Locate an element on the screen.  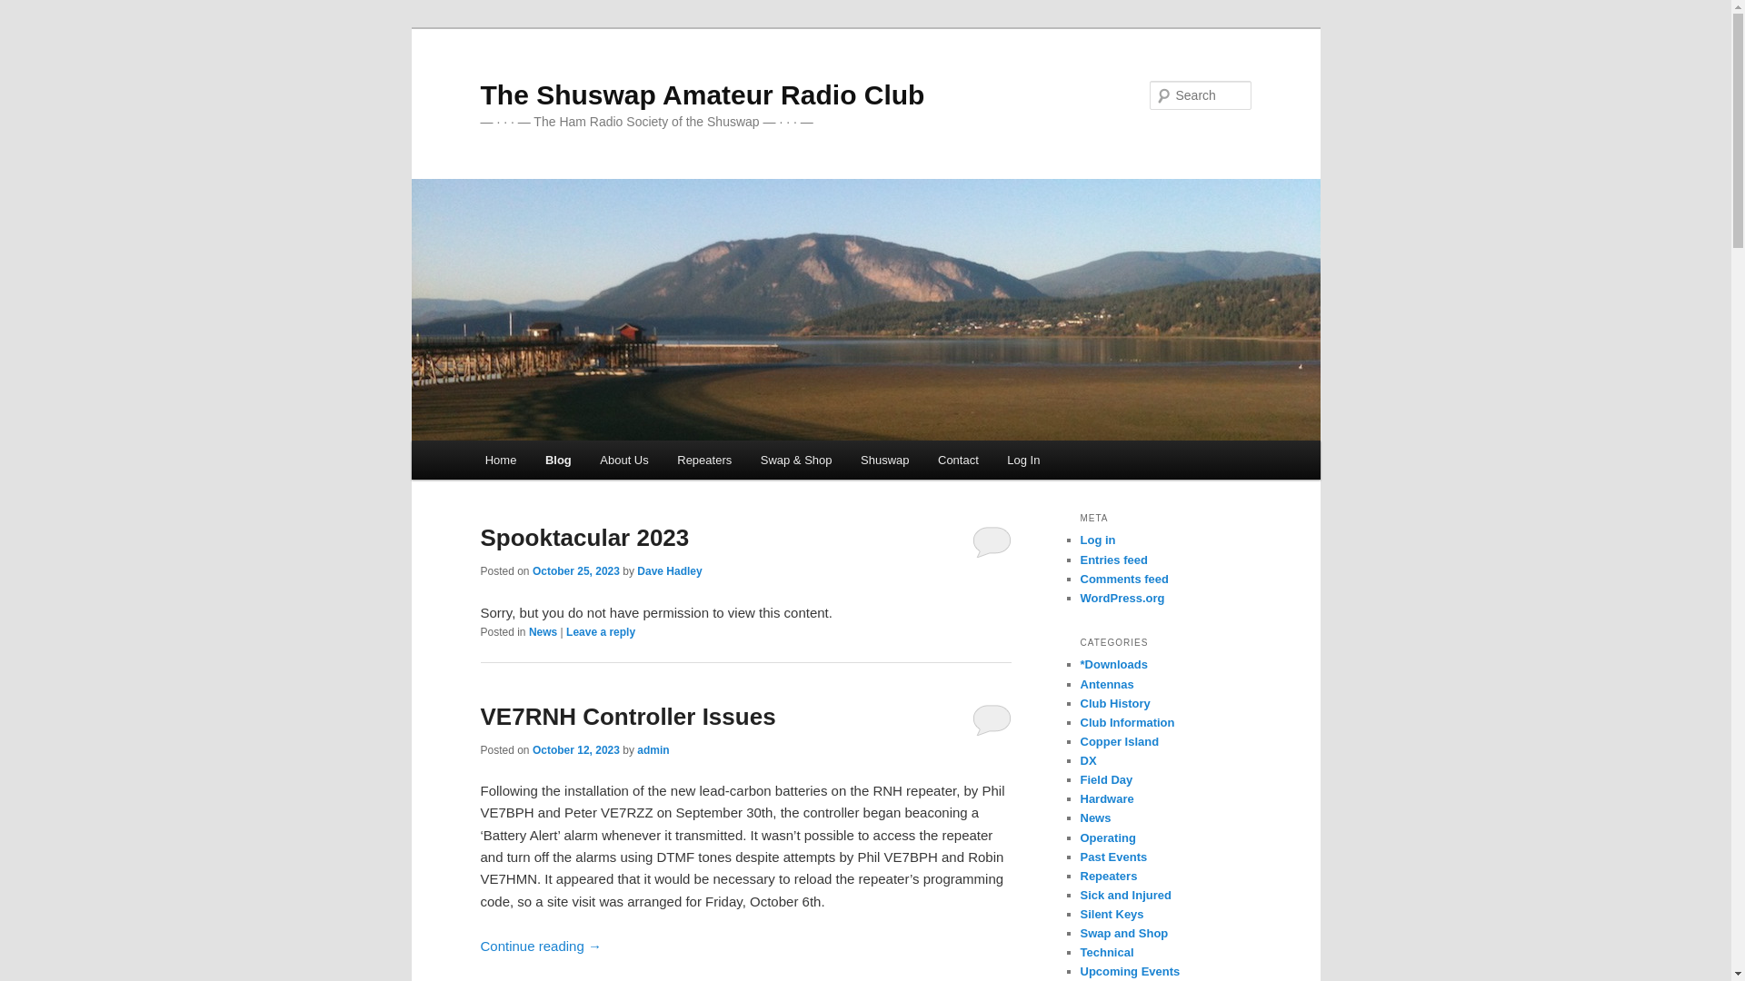
'Home' is located at coordinates (501, 459).